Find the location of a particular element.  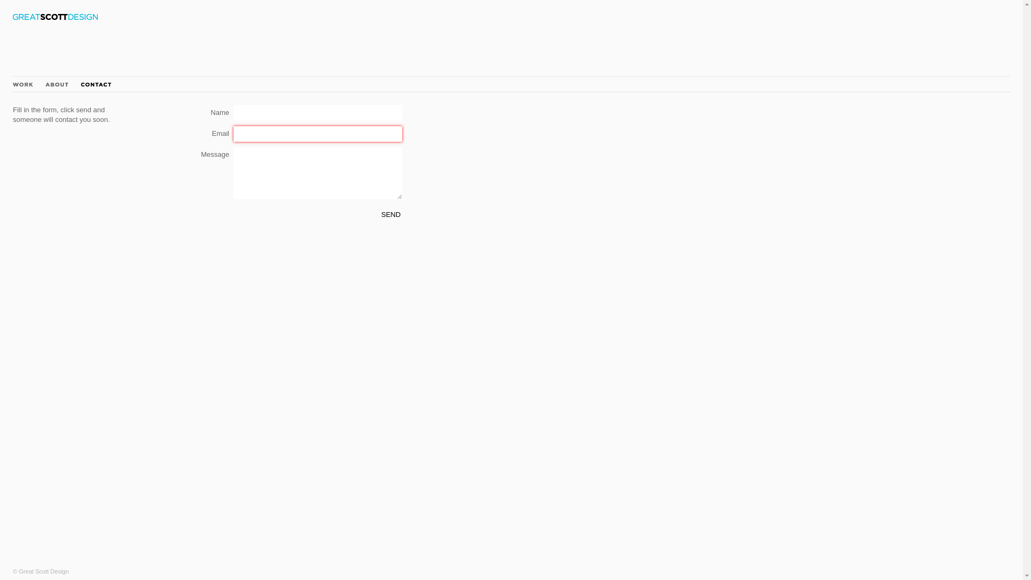

'Send' is located at coordinates (390, 214).